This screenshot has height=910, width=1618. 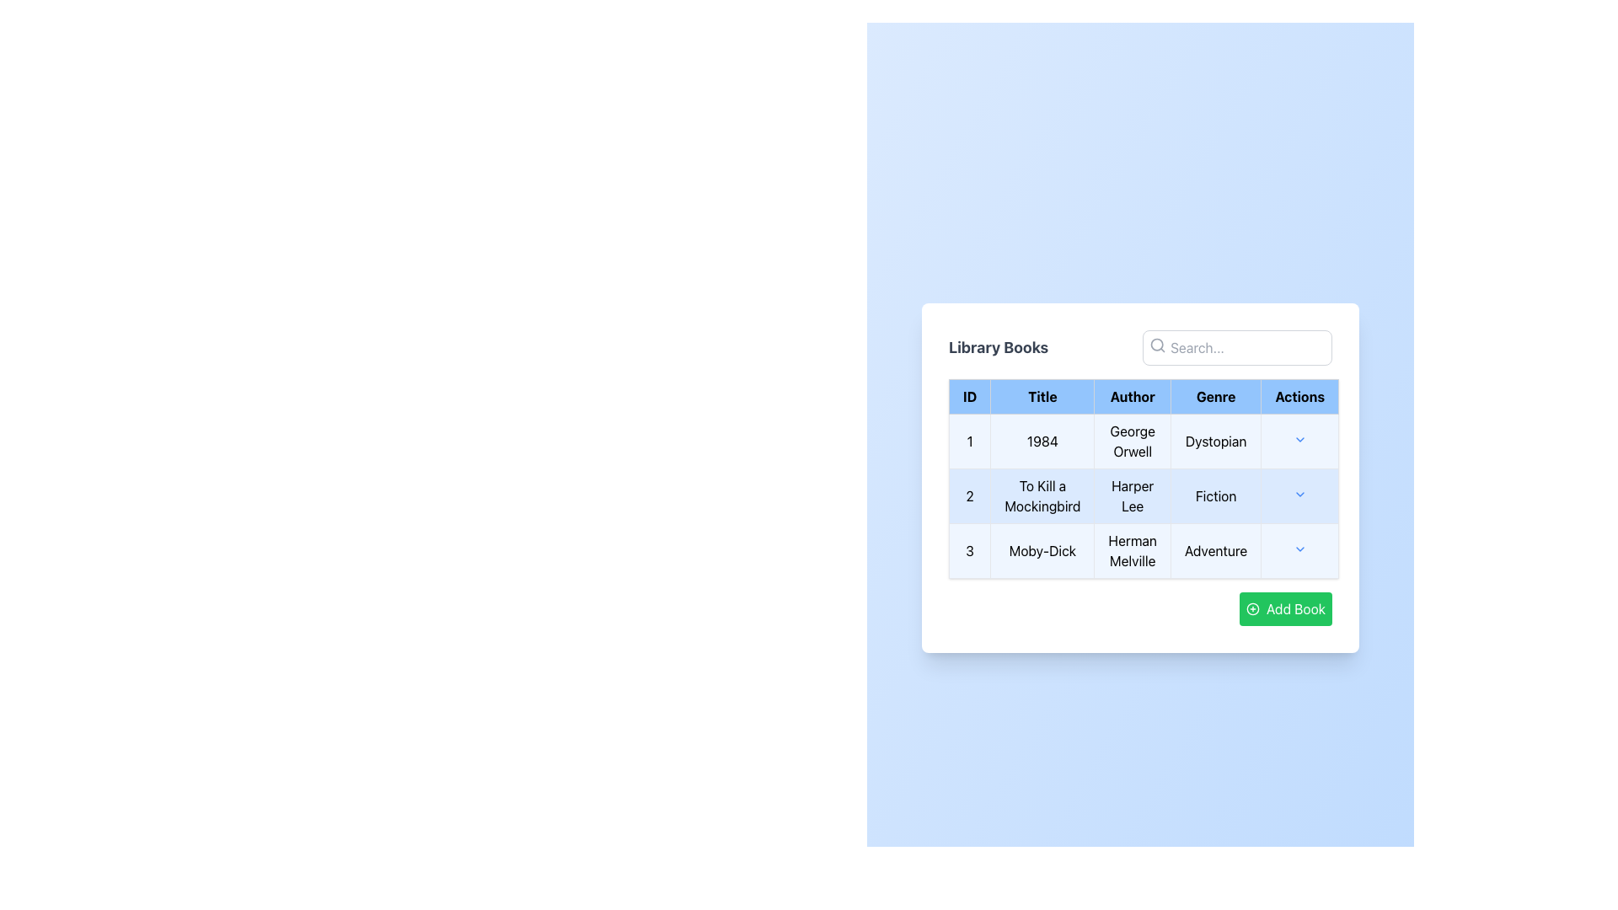 What do you see at coordinates (1042, 396) in the screenshot?
I see `the Table Header Cell displaying 'Title' in bold font, which is styled with a blue background and is positioned between the 'ID' and 'Author' columns in the Library Books layout` at bounding box center [1042, 396].